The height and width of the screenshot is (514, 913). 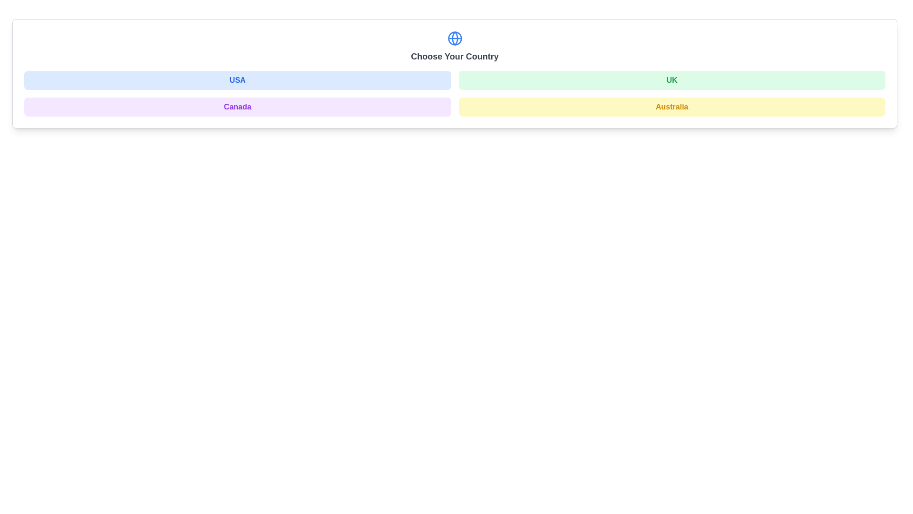 What do you see at coordinates (237, 80) in the screenshot?
I see `the button labeled 'USA'` at bounding box center [237, 80].